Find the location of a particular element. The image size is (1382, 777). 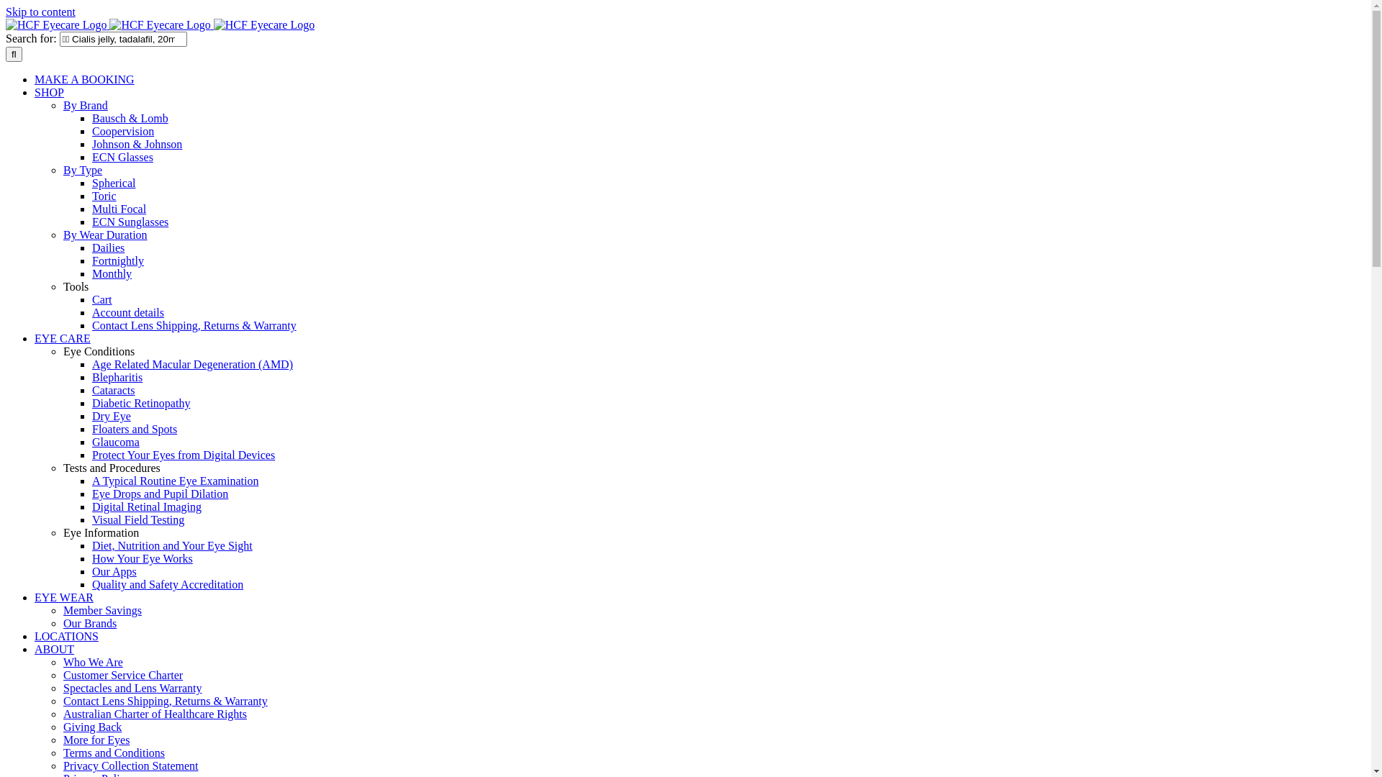

'Who We Are' is located at coordinates (92, 662).